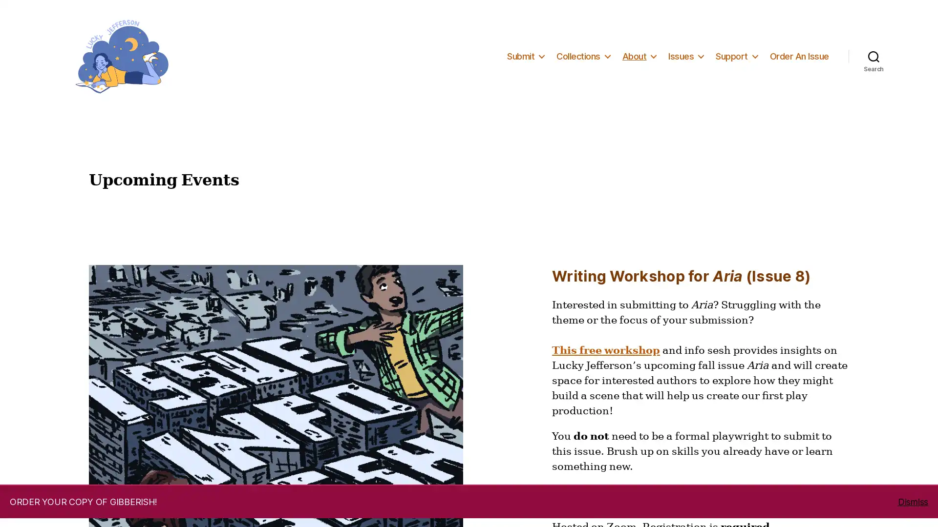 Image resolution: width=938 pixels, height=527 pixels. Describe the element at coordinates (874, 56) in the screenshot. I see `Search` at that location.